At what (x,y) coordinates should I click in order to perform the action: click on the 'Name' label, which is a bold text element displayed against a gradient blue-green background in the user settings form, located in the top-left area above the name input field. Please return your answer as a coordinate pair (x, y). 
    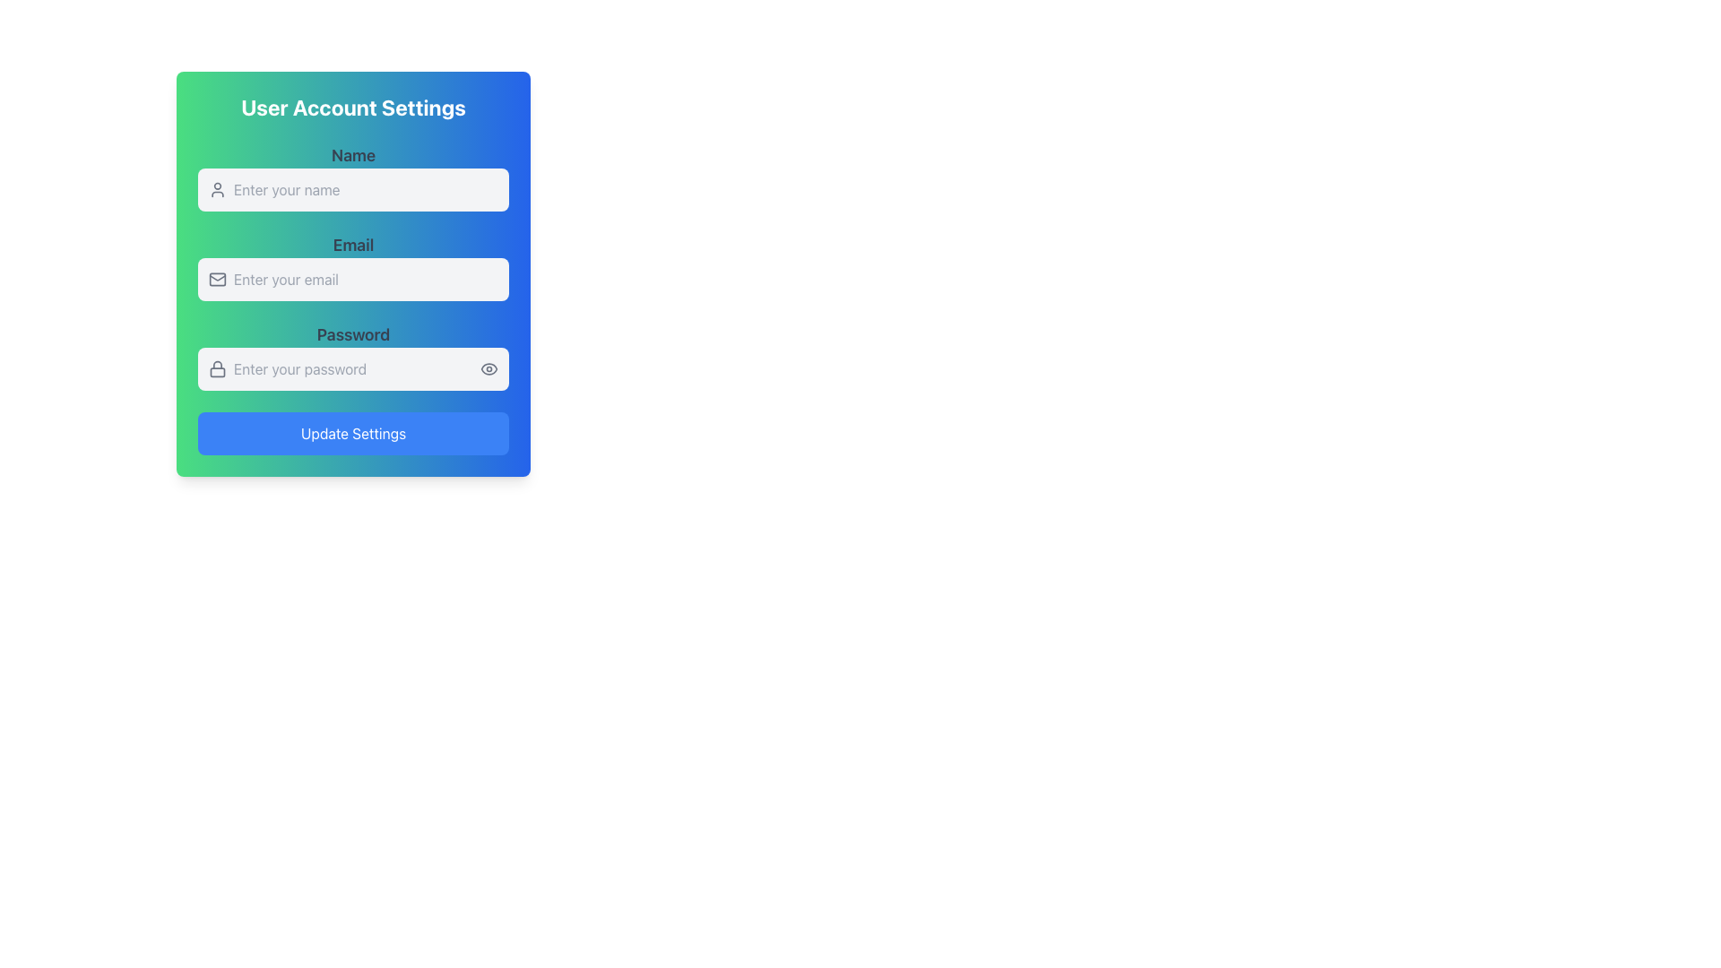
    Looking at the image, I should click on (353, 154).